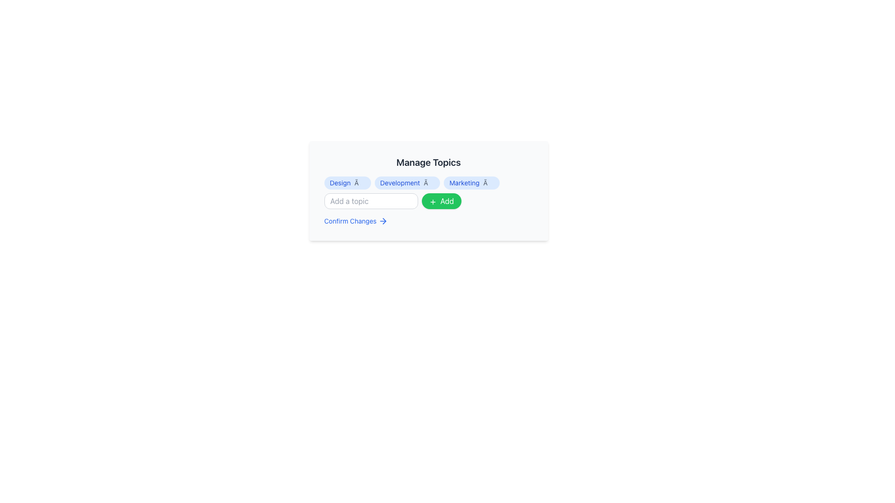  Describe the element at coordinates (347, 183) in the screenshot. I see `the '×' on the 'Design' tag with a blue background` at that location.